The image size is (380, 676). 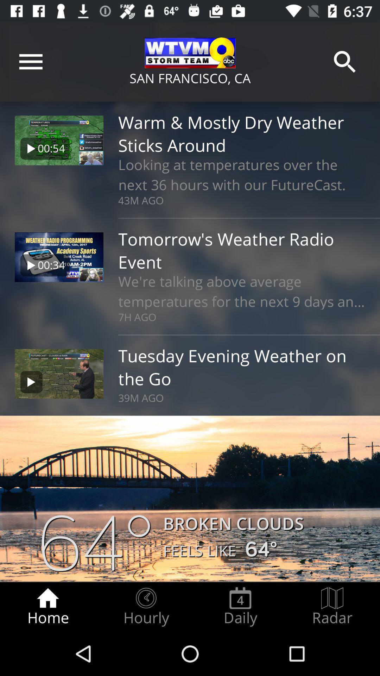 What do you see at coordinates (240, 606) in the screenshot?
I see `the daily icon` at bounding box center [240, 606].